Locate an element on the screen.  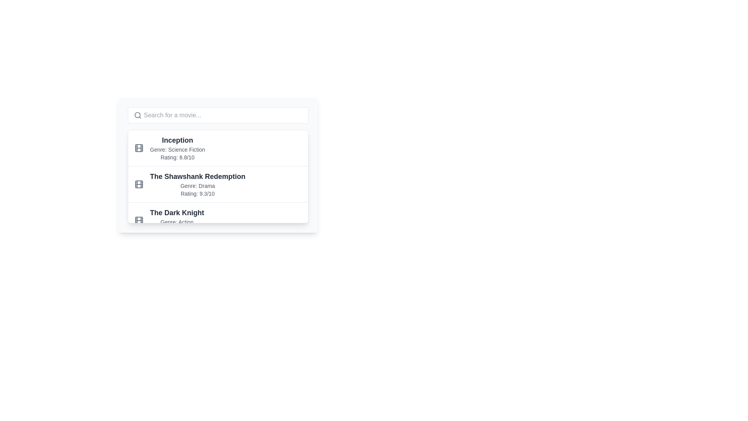
the text label that reads 'Genre: Action', which is aligned with the left edge of 'The Dark Knight' and is positioned beneath it is located at coordinates (176, 222).